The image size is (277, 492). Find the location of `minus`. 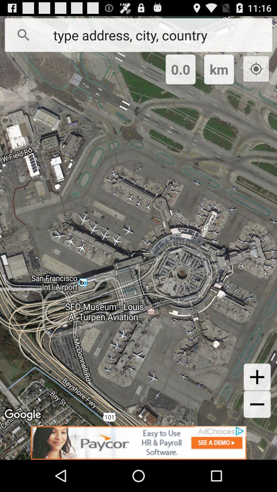

minus is located at coordinates (257, 404).